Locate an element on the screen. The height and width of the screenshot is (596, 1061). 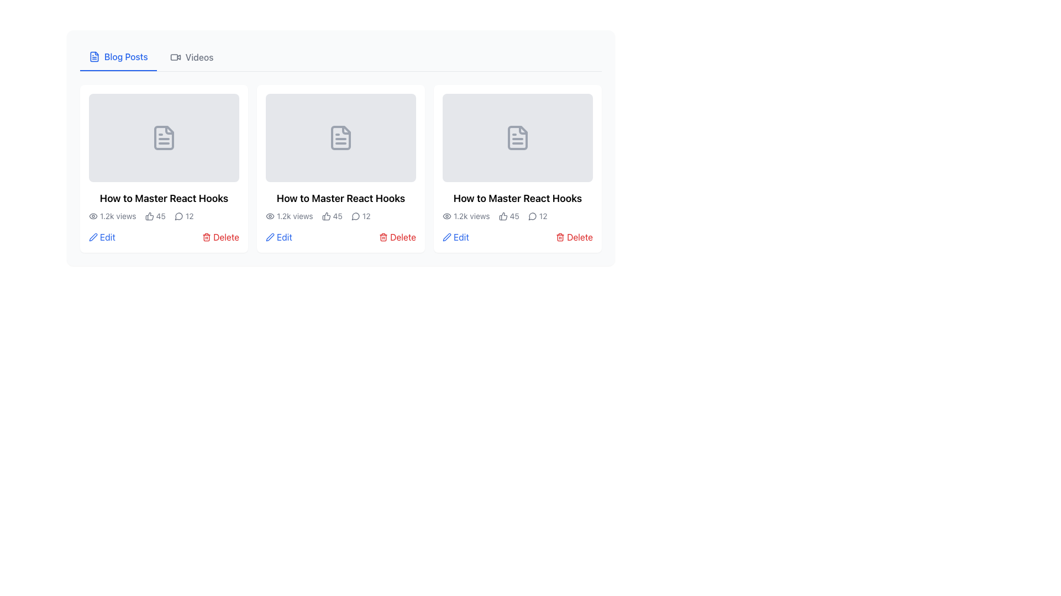
the first tab for navigation labeled 'Blog Posts' is located at coordinates (118, 57).